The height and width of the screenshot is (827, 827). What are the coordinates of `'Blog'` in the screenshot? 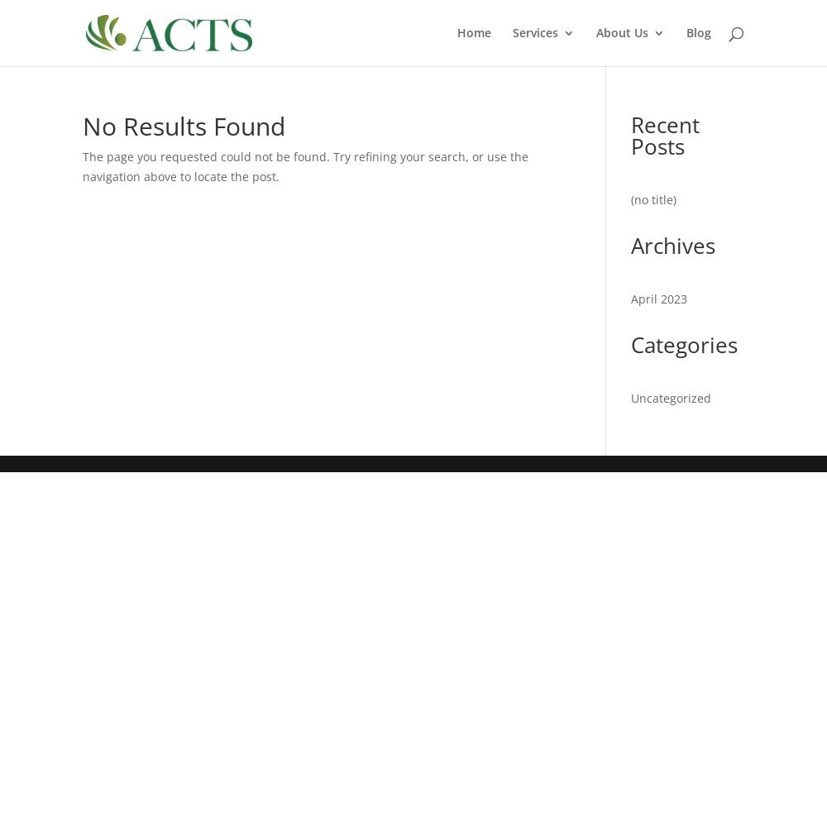 It's located at (698, 32).